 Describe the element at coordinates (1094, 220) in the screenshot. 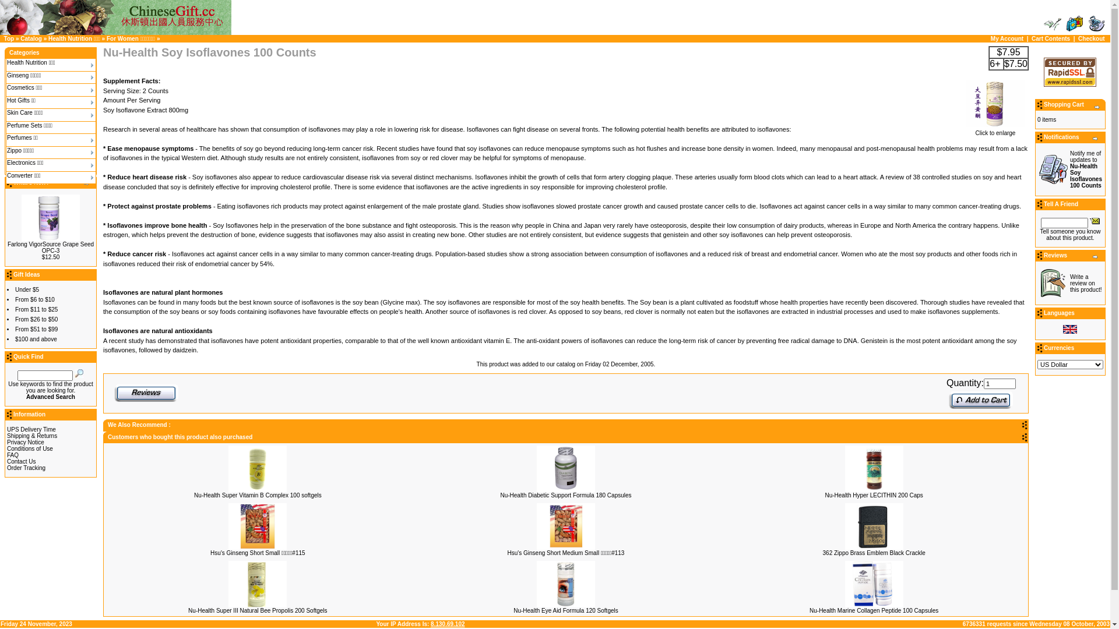

I see `' Tell A Friend '` at that location.